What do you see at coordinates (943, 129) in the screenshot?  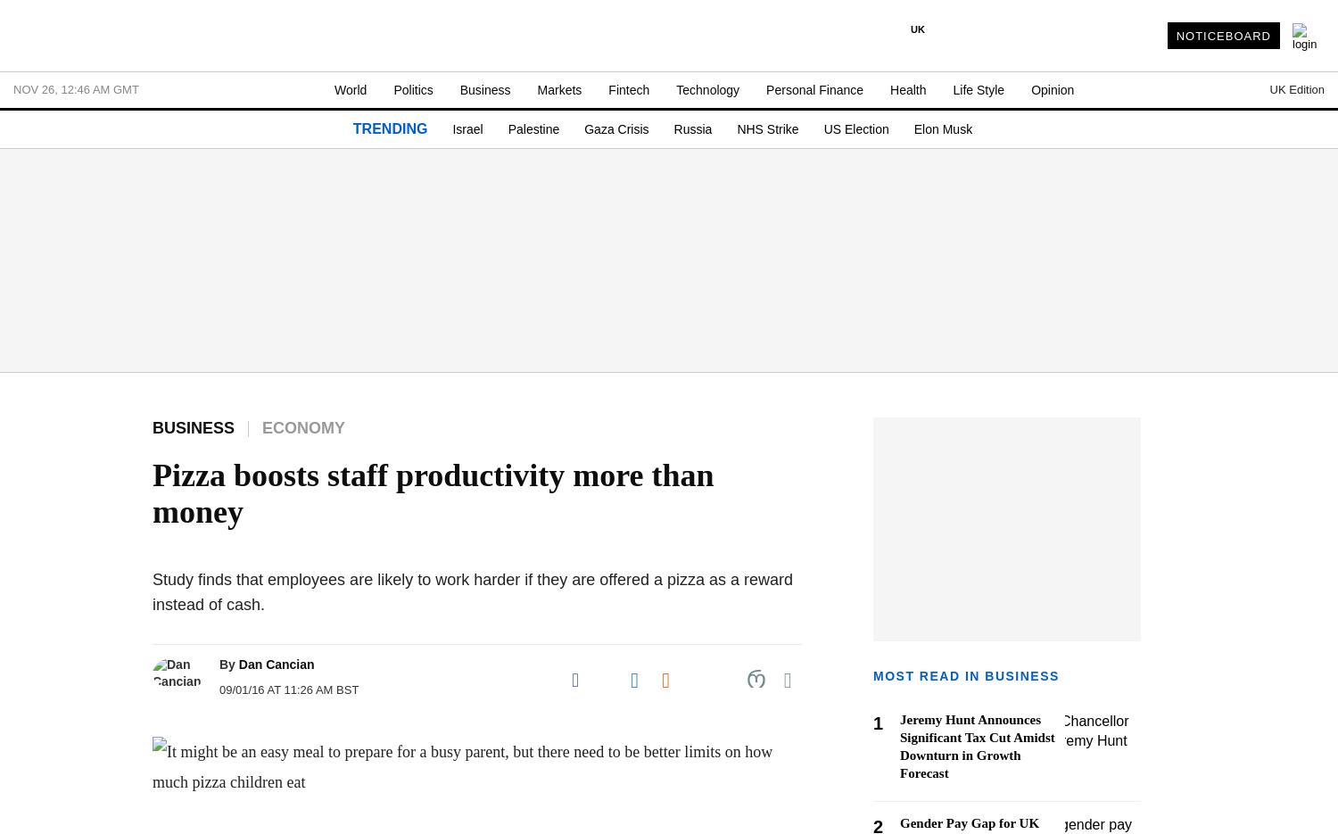 I see `'Elon Musk'` at bounding box center [943, 129].